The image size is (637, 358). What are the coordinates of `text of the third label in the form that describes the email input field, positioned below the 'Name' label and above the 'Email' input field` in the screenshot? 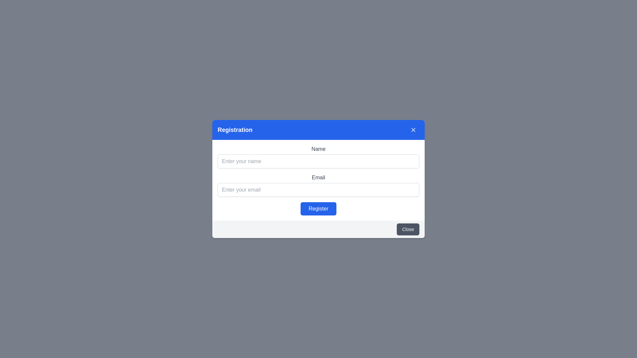 It's located at (318, 180).